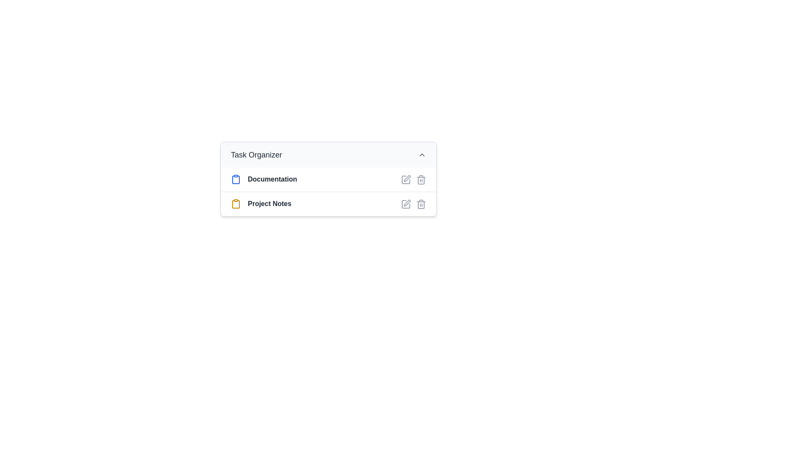 The height and width of the screenshot is (456, 812). What do you see at coordinates (406, 179) in the screenshot?
I see `the pencil icon button, which is located to the right of the 'Documentation' list item in the 'Task Organizer' section` at bounding box center [406, 179].